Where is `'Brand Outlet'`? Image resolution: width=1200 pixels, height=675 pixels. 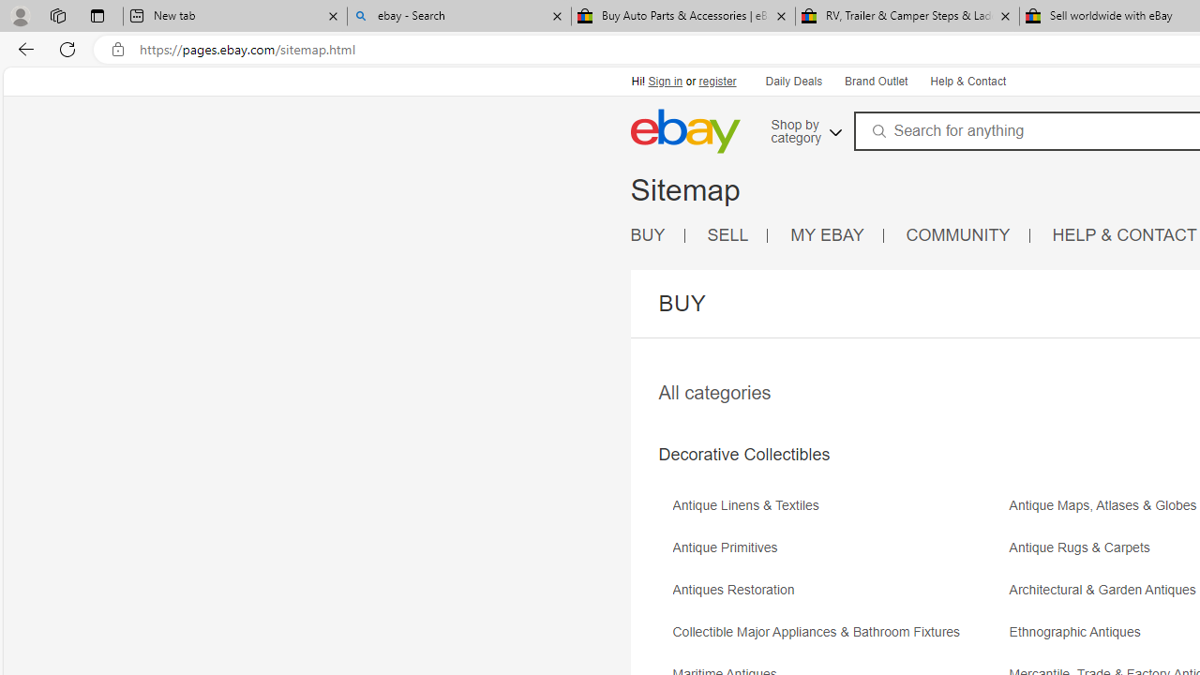
'Brand Outlet' is located at coordinates (874, 80).